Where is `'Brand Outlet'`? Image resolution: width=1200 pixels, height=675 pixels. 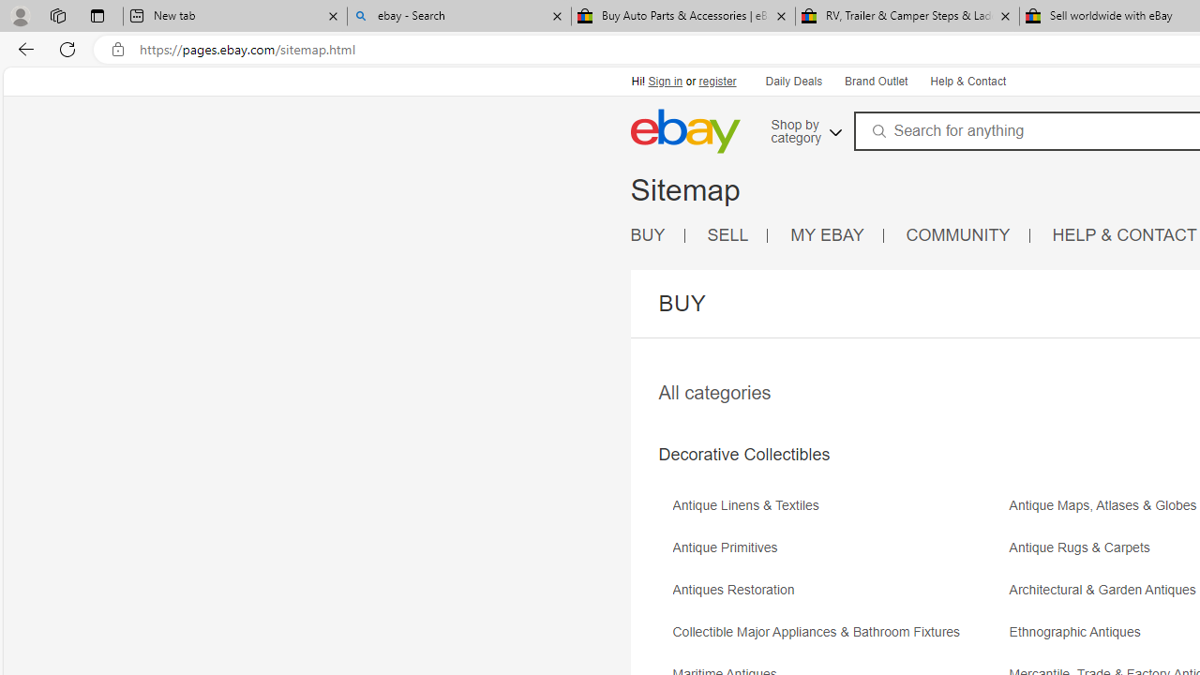
'Brand Outlet' is located at coordinates (874, 80).